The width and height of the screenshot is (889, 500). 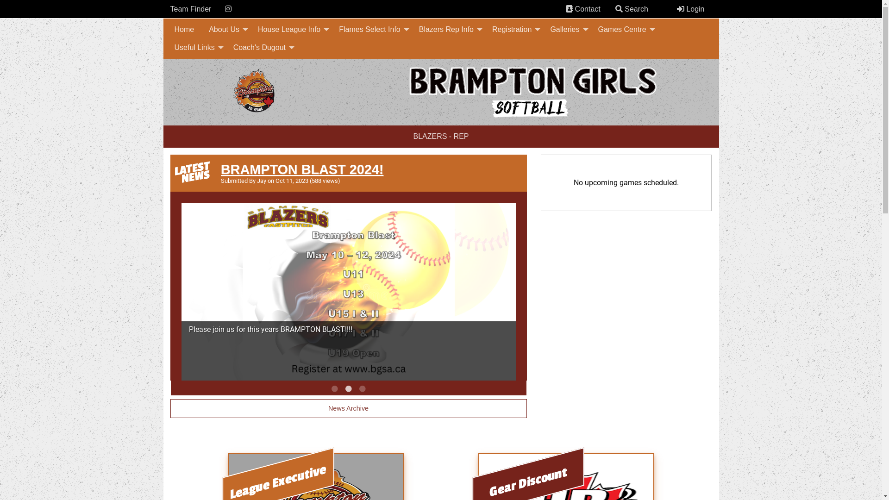 I want to click on 'House League Info', so click(x=290, y=29).